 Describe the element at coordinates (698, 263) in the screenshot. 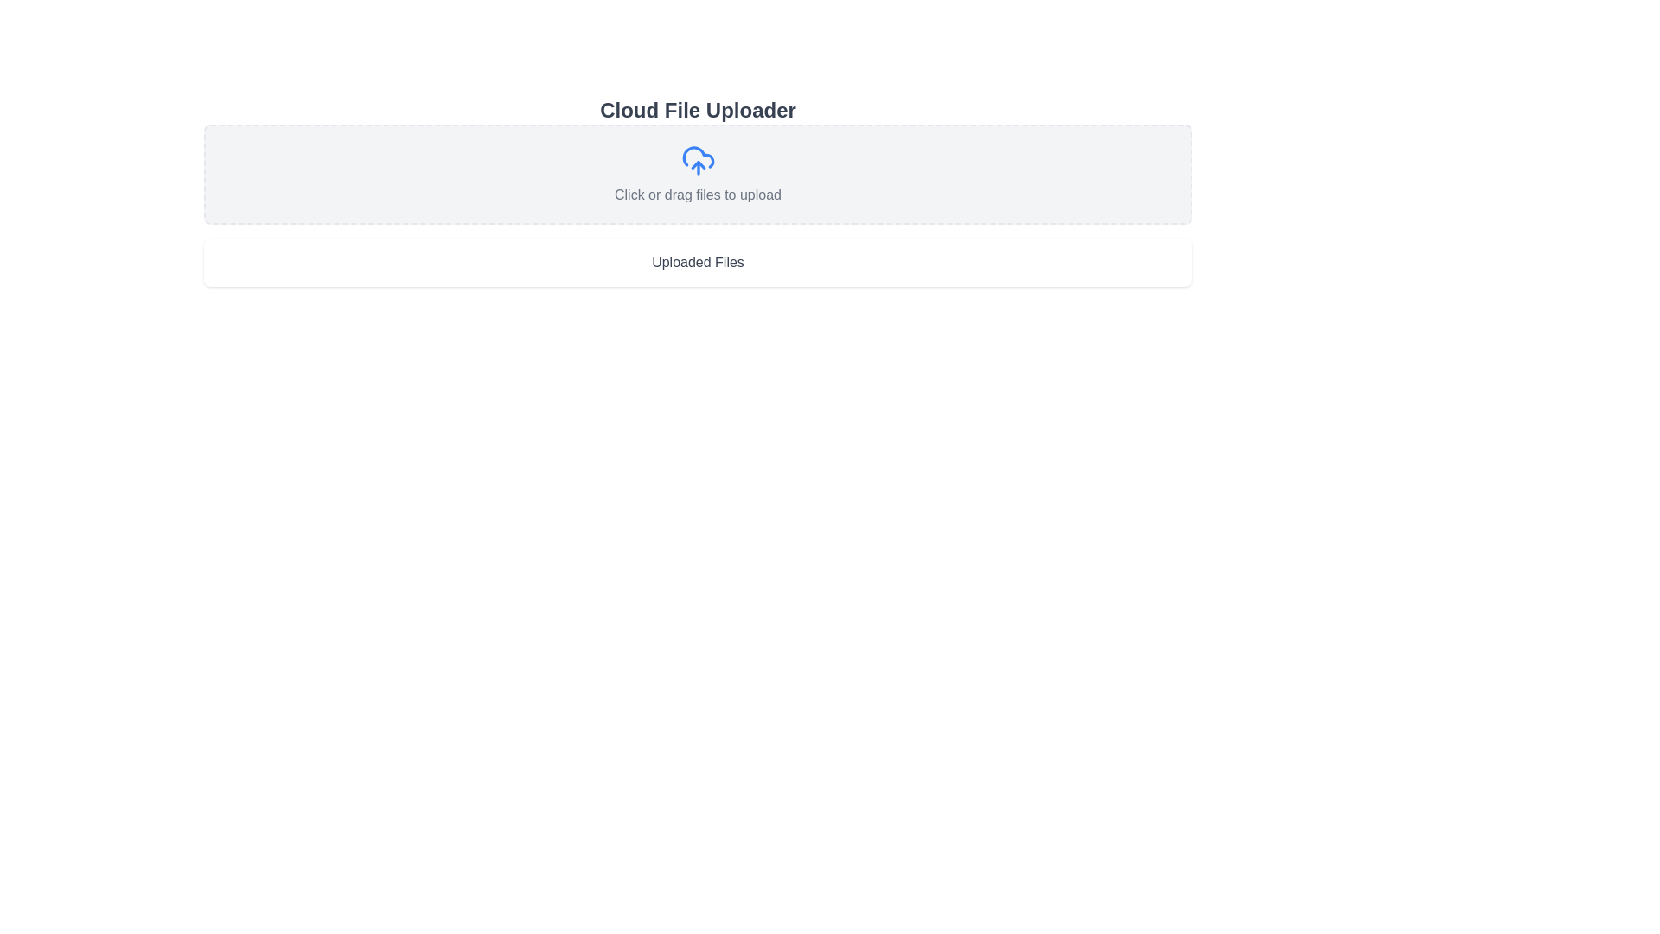

I see `the 'Uploaded Files' text label, which is styled with medium font weight and gray color, located below the 'Cloud File Uploader' section` at that location.